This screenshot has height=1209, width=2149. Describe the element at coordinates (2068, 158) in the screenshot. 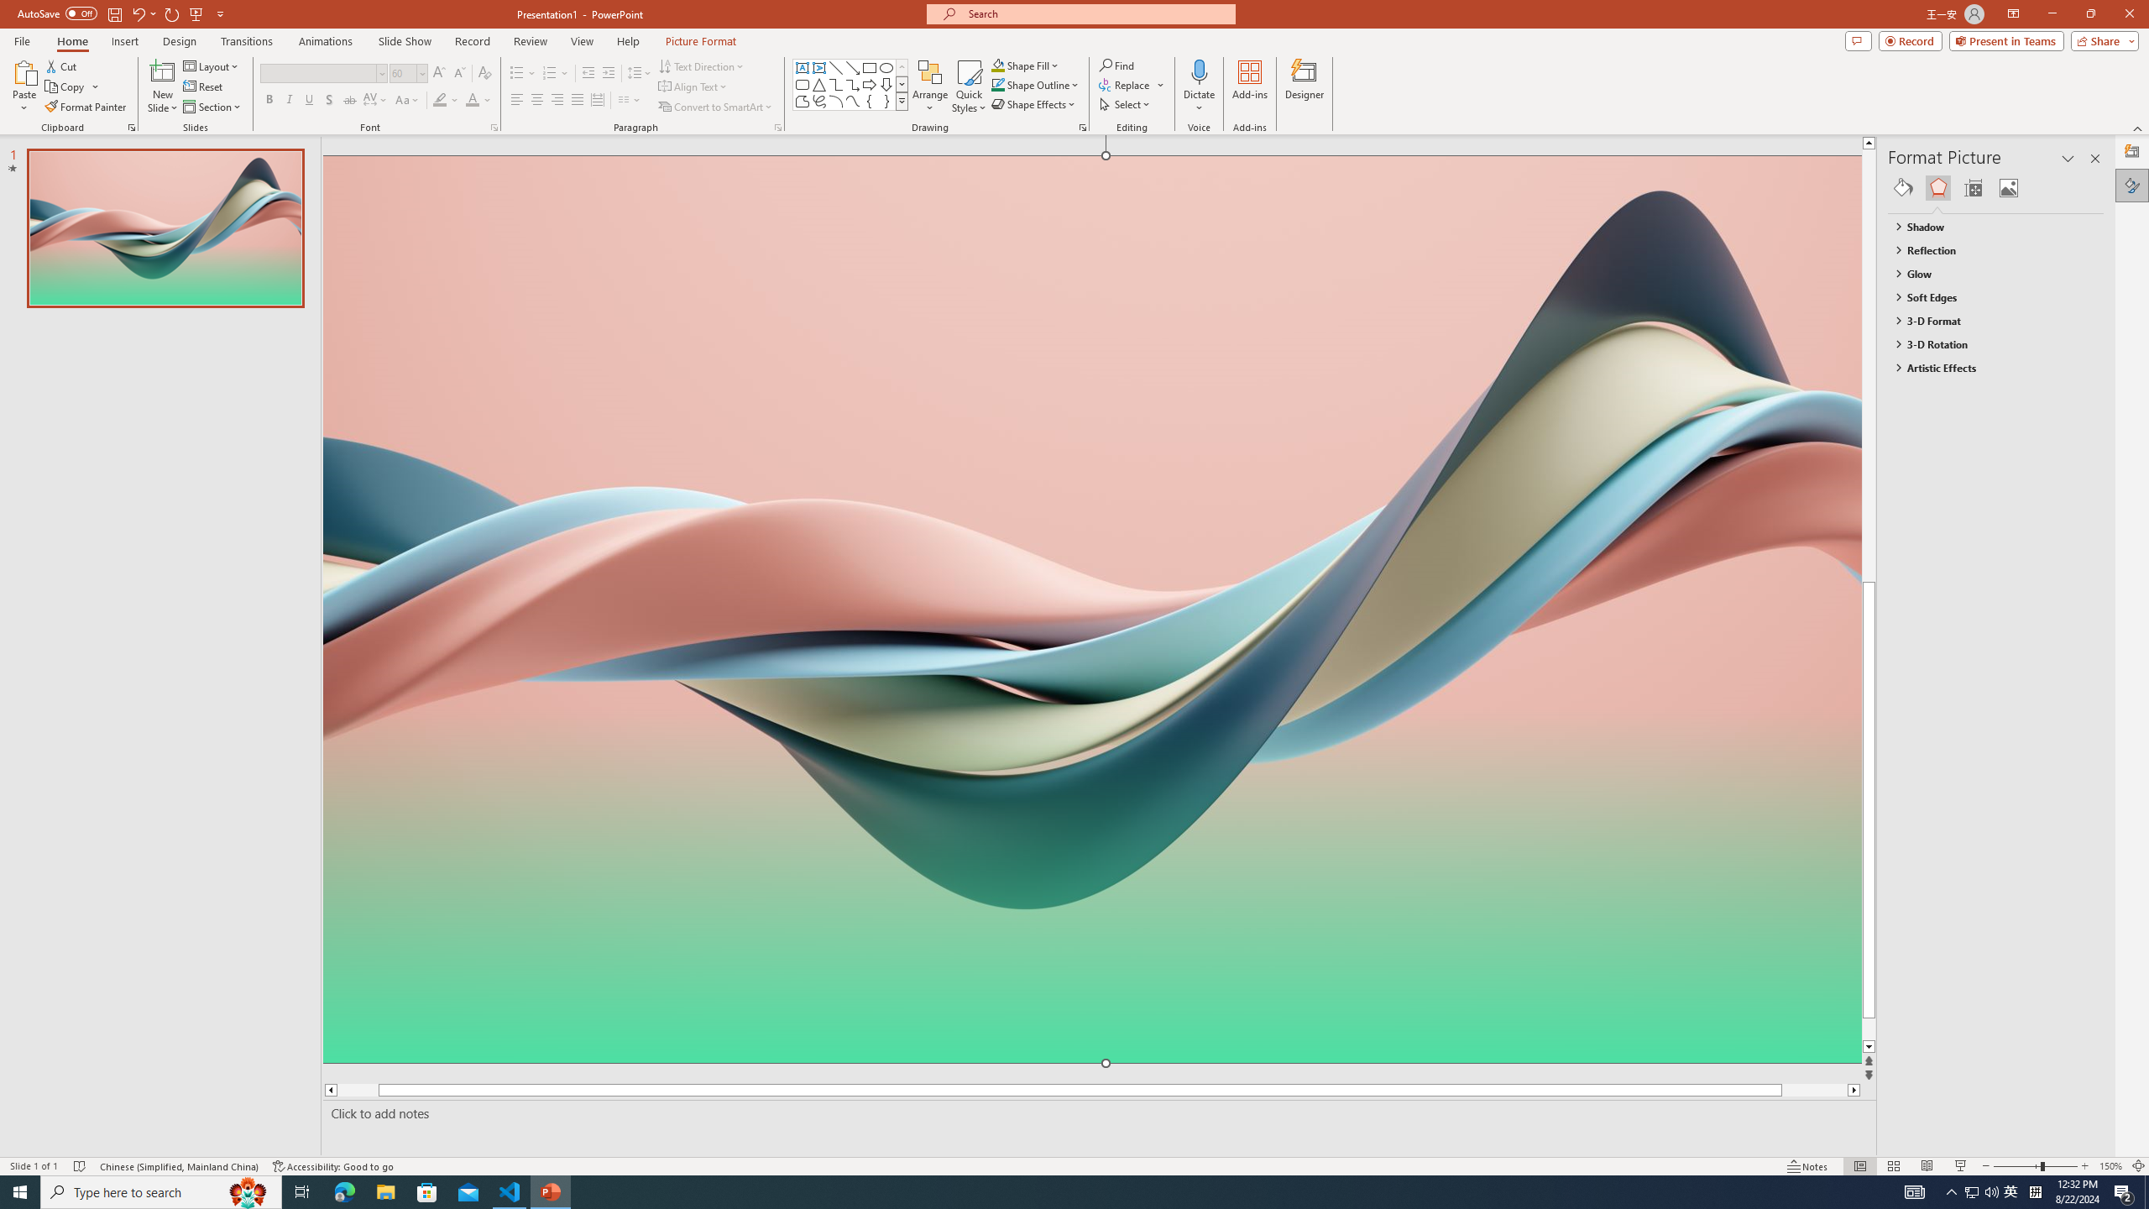

I see `'Task Pane Options'` at that location.